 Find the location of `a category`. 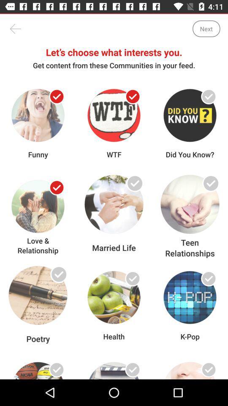

a category is located at coordinates (57, 278).